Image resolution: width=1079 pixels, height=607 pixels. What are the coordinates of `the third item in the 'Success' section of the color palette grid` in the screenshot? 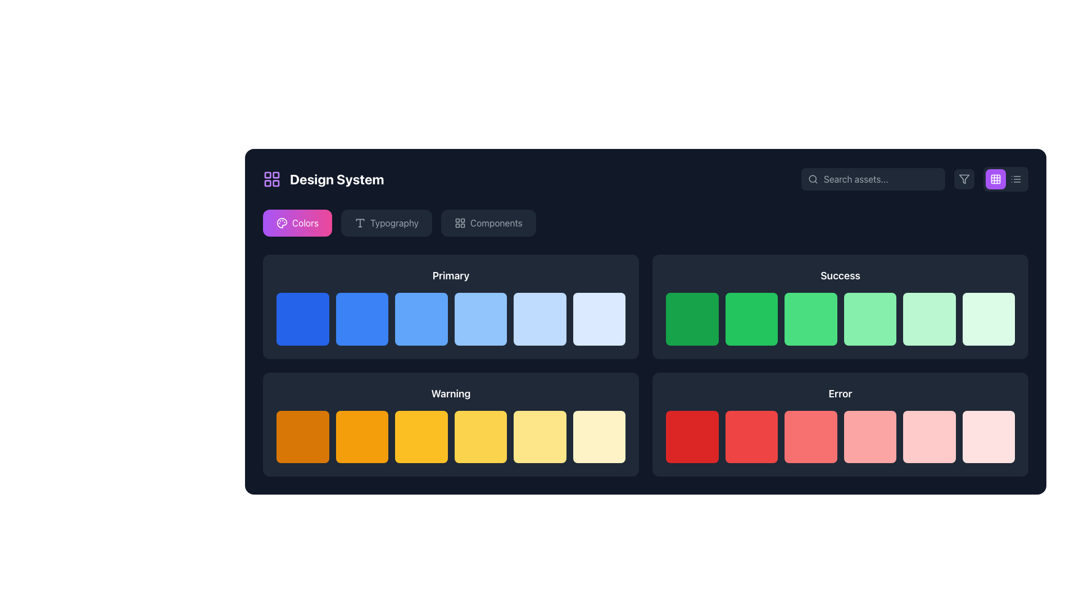 It's located at (840, 319).